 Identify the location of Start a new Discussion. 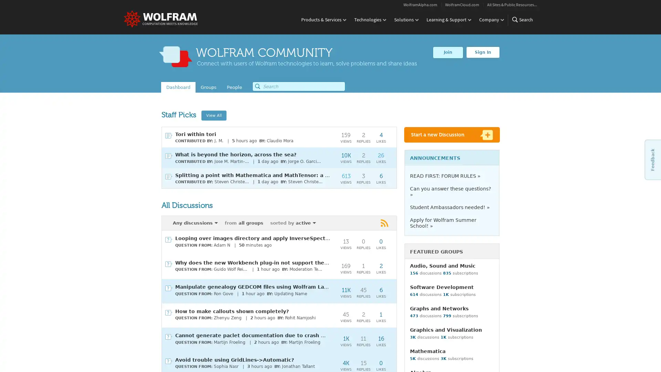
(452, 135).